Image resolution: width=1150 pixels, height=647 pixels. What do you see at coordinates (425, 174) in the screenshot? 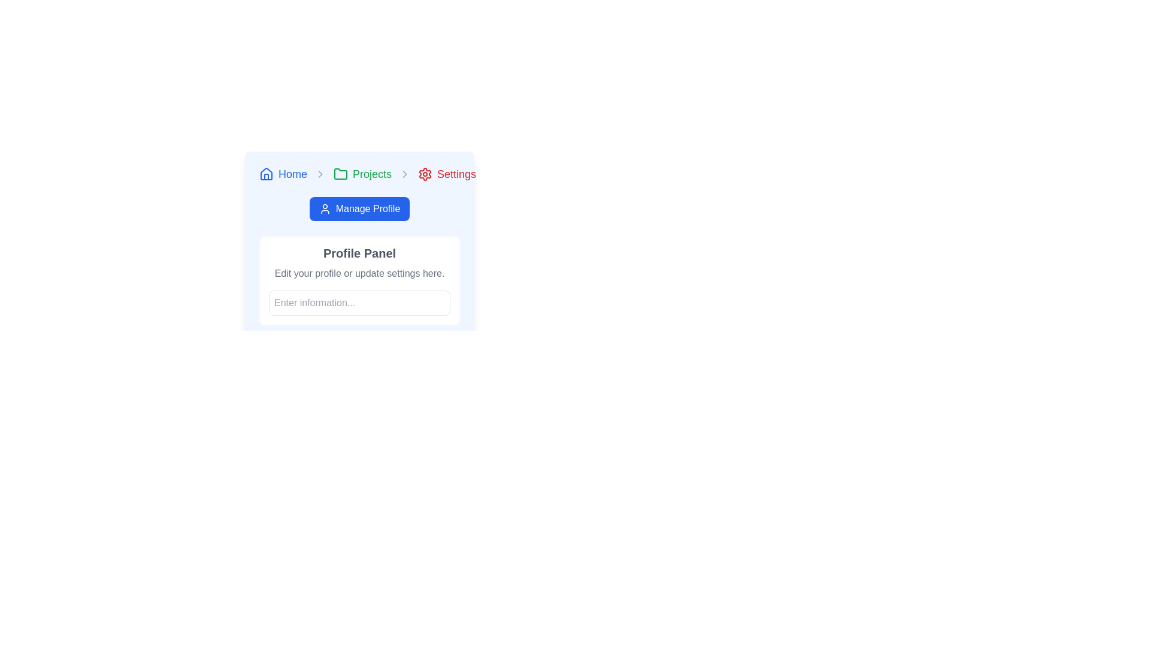
I see `the gear-like icon representing settings, which is red in color and located next to the 'Settings' text in the breadcrumb navigation` at bounding box center [425, 174].